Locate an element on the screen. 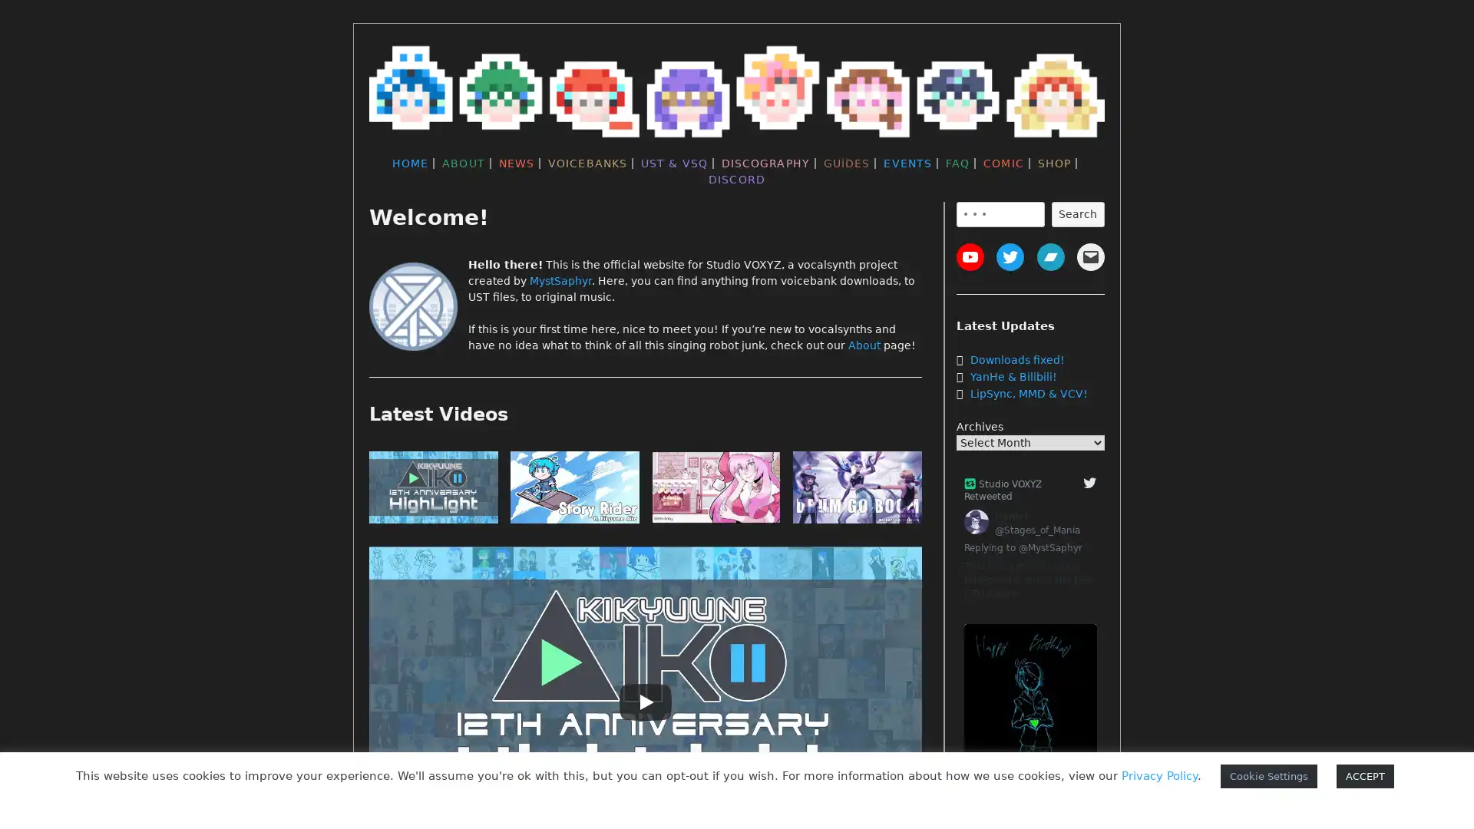 The width and height of the screenshot is (1474, 829). Play is located at coordinates (645, 702).